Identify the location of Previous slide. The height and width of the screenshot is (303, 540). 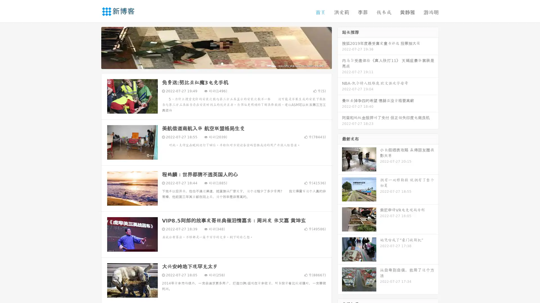
(93, 47).